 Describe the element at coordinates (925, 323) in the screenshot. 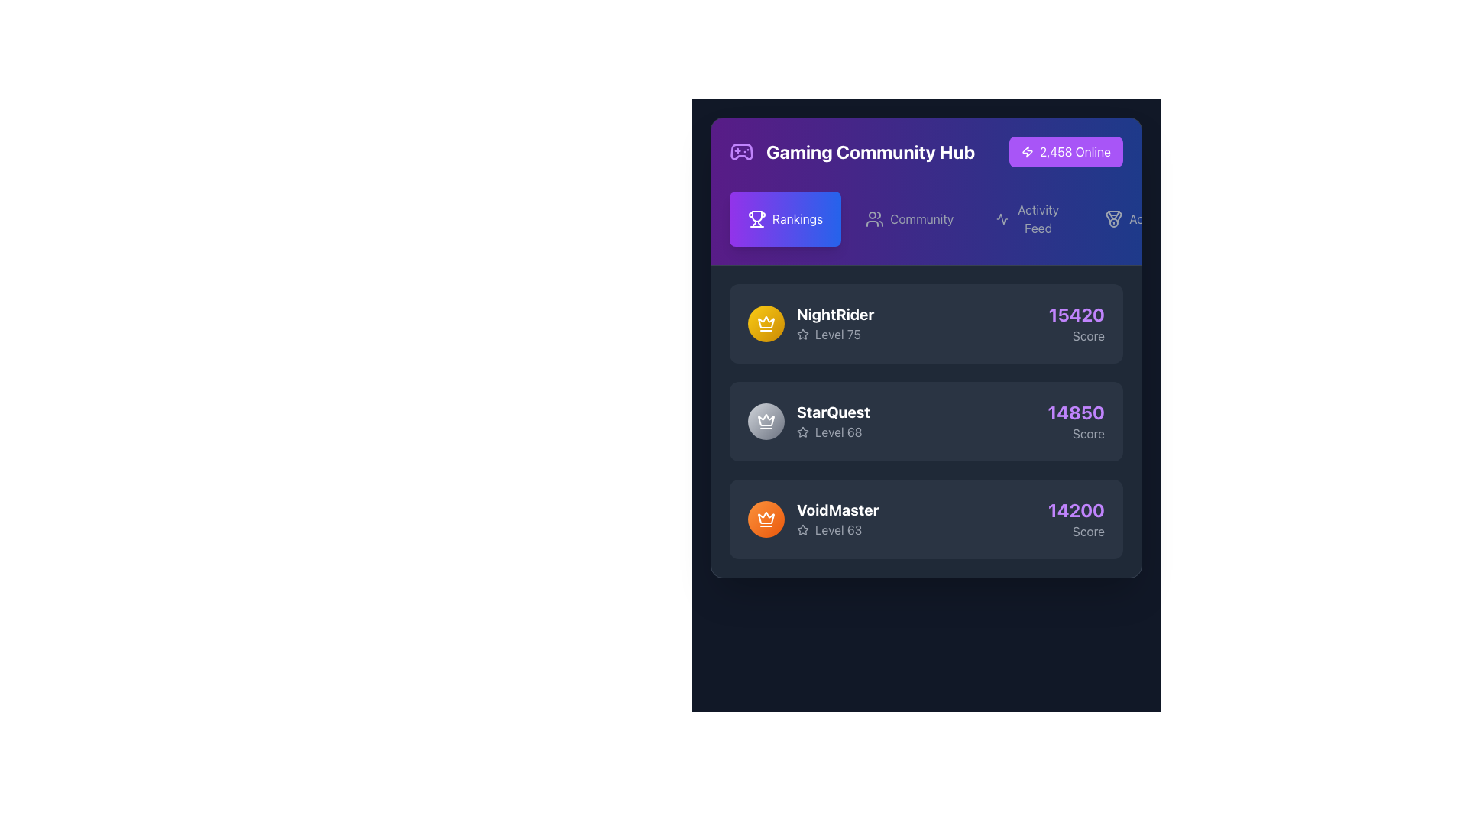

I see `the first leaderboard entry in the Rankings section of the Gaming Community Hub to interact with it` at that location.